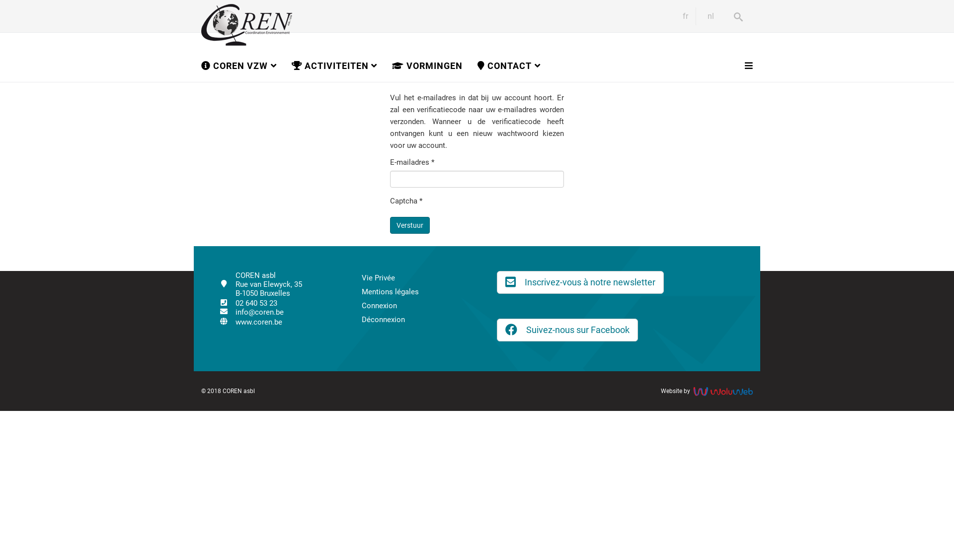  Describe the element at coordinates (567, 330) in the screenshot. I see `'Suivez-nous sur Facebook'` at that location.